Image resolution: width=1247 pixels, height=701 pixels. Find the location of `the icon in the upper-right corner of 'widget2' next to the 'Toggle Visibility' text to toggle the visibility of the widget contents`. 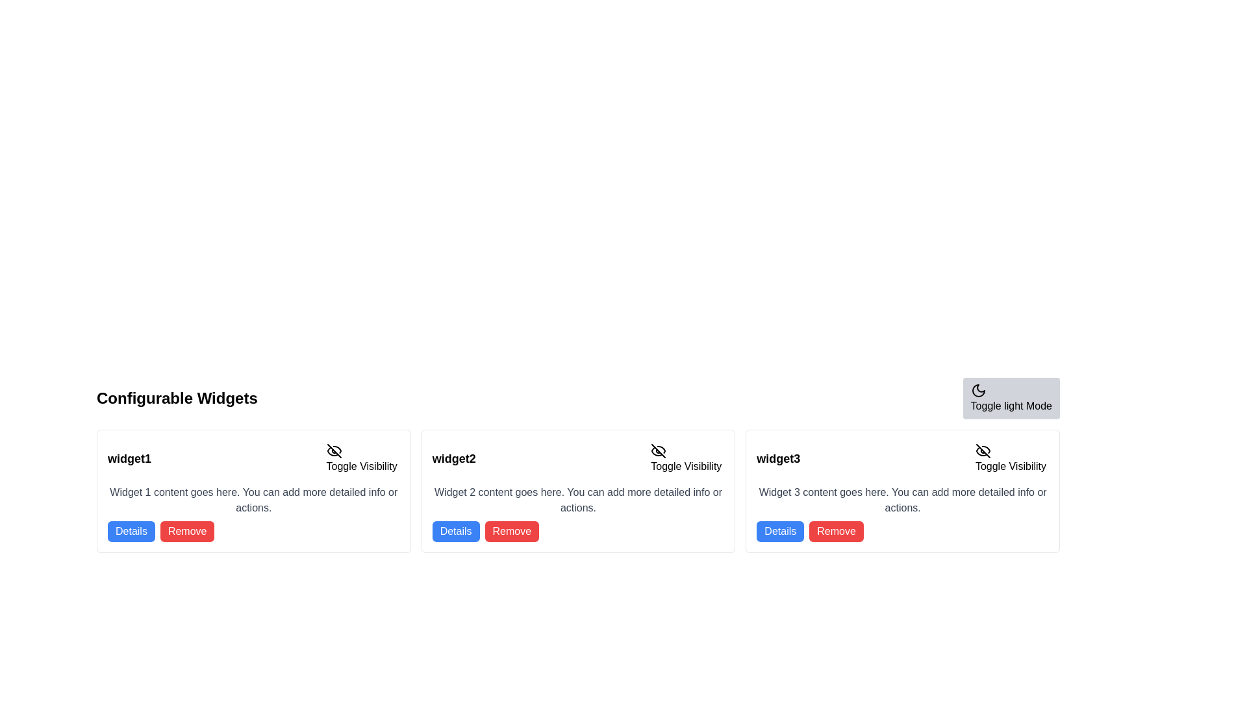

the icon in the upper-right corner of 'widget2' next to the 'Toggle Visibility' text to toggle the visibility of the widget contents is located at coordinates (659, 450).